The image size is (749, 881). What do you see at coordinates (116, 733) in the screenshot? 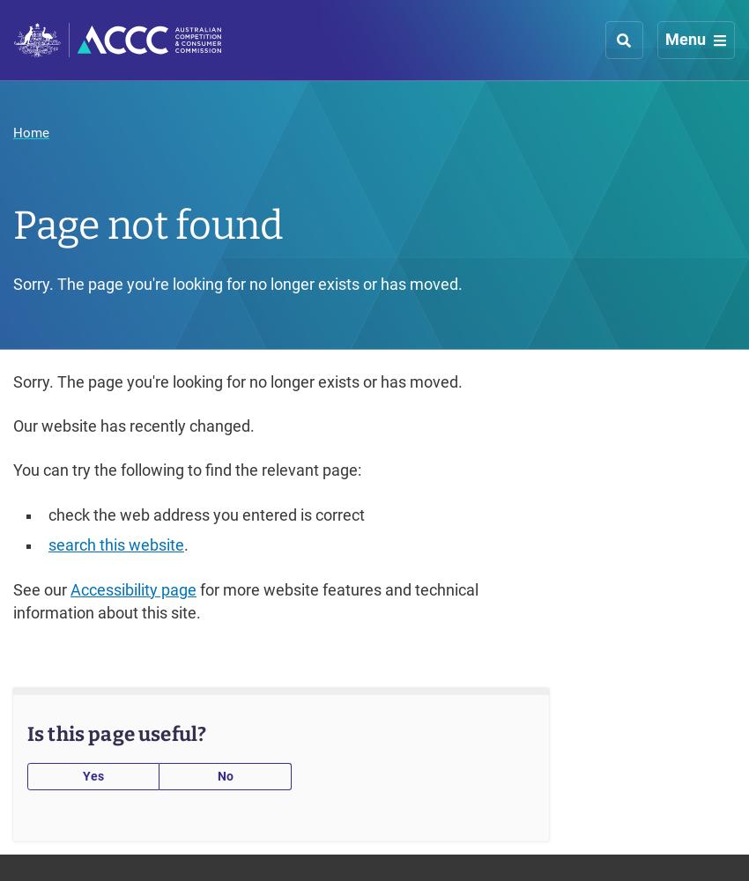
I see `'Is this page useful?'` at bounding box center [116, 733].